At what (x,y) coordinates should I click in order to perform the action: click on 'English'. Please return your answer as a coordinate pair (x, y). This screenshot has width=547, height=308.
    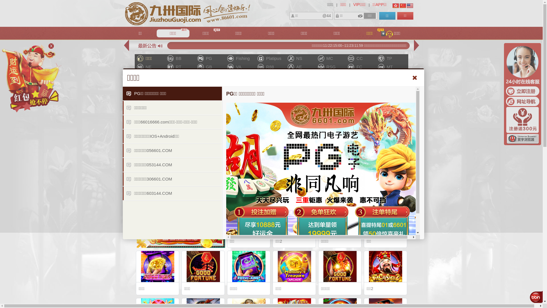
    Looking at the image, I should click on (407, 5).